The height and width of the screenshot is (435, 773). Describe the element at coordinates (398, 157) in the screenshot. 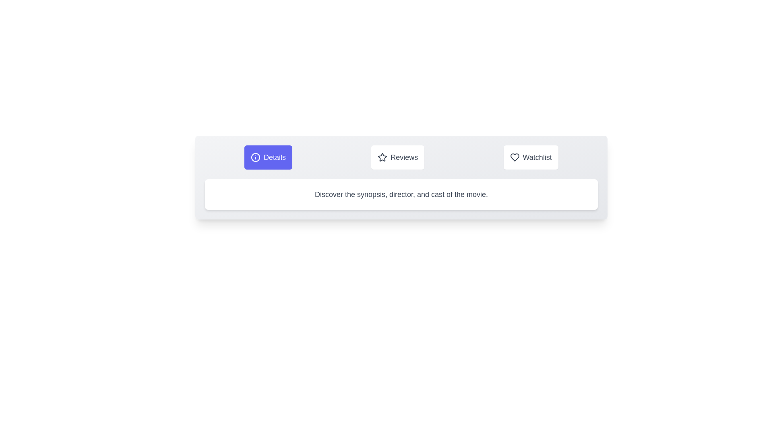

I see `the Reviews tab to observe its hover effect` at that location.